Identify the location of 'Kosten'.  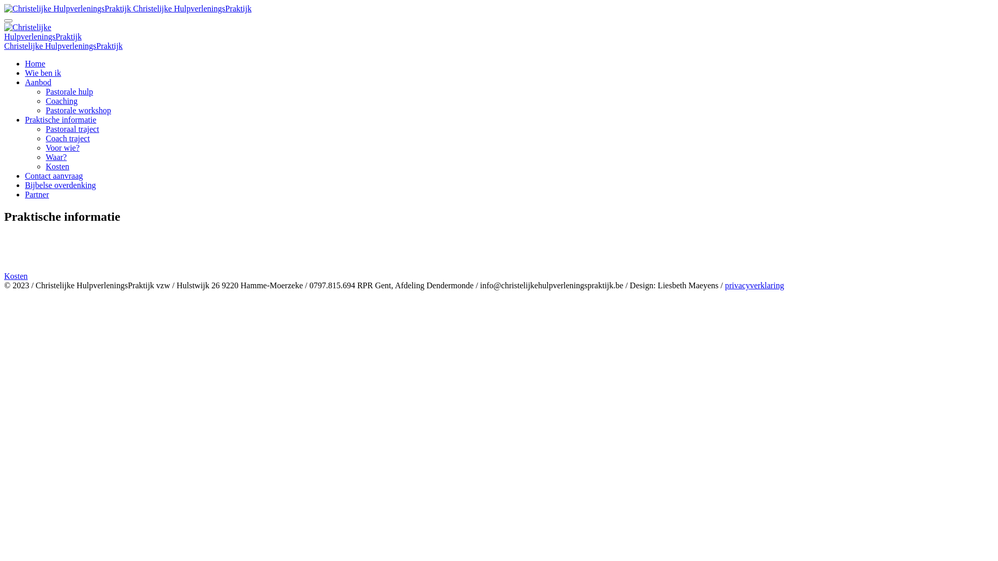
(57, 166).